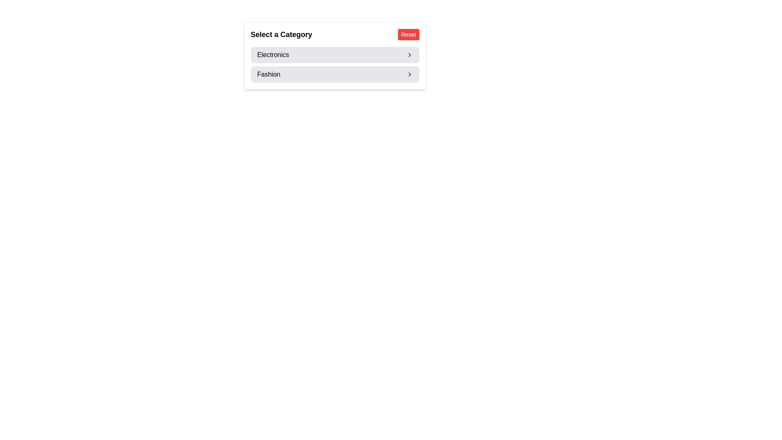 This screenshot has width=782, height=440. What do you see at coordinates (335, 55) in the screenshot?
I see `the 'Electronics' button, which has a light gray background and is the first entry` at bounding box center [335, 55].